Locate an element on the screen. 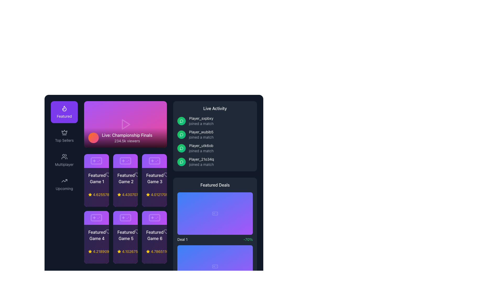 The image size is (503, 283). the static text label displaying 'Player_sxpbxy joined a match' within the 'Live Activity' section on the right side of the interface is located at coordinates (201, 118).